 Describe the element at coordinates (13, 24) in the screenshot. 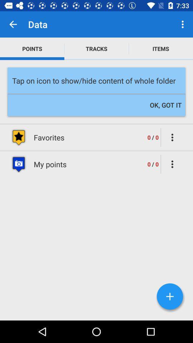

I see `item above points item` at that location.